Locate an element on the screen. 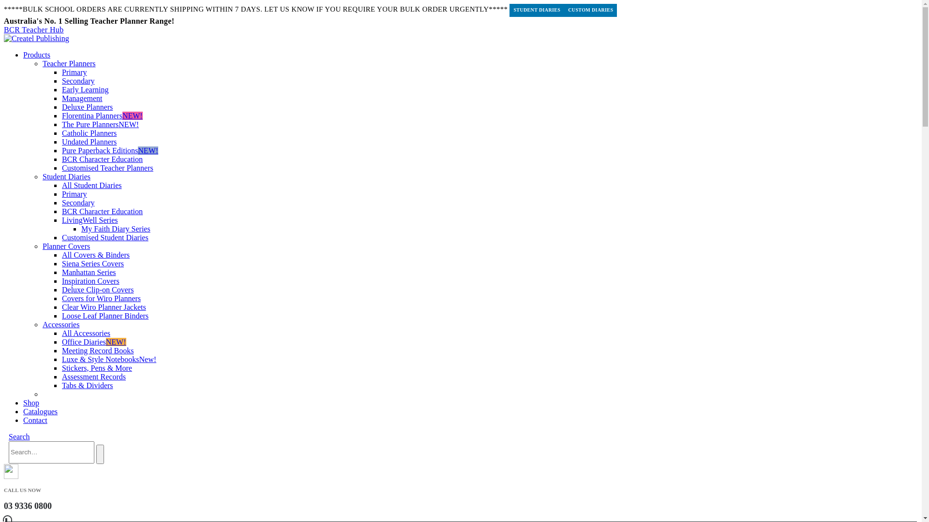 This screenshot has height=522, width=929. 'LivingWell Series' is located at coordinates (61, 220).